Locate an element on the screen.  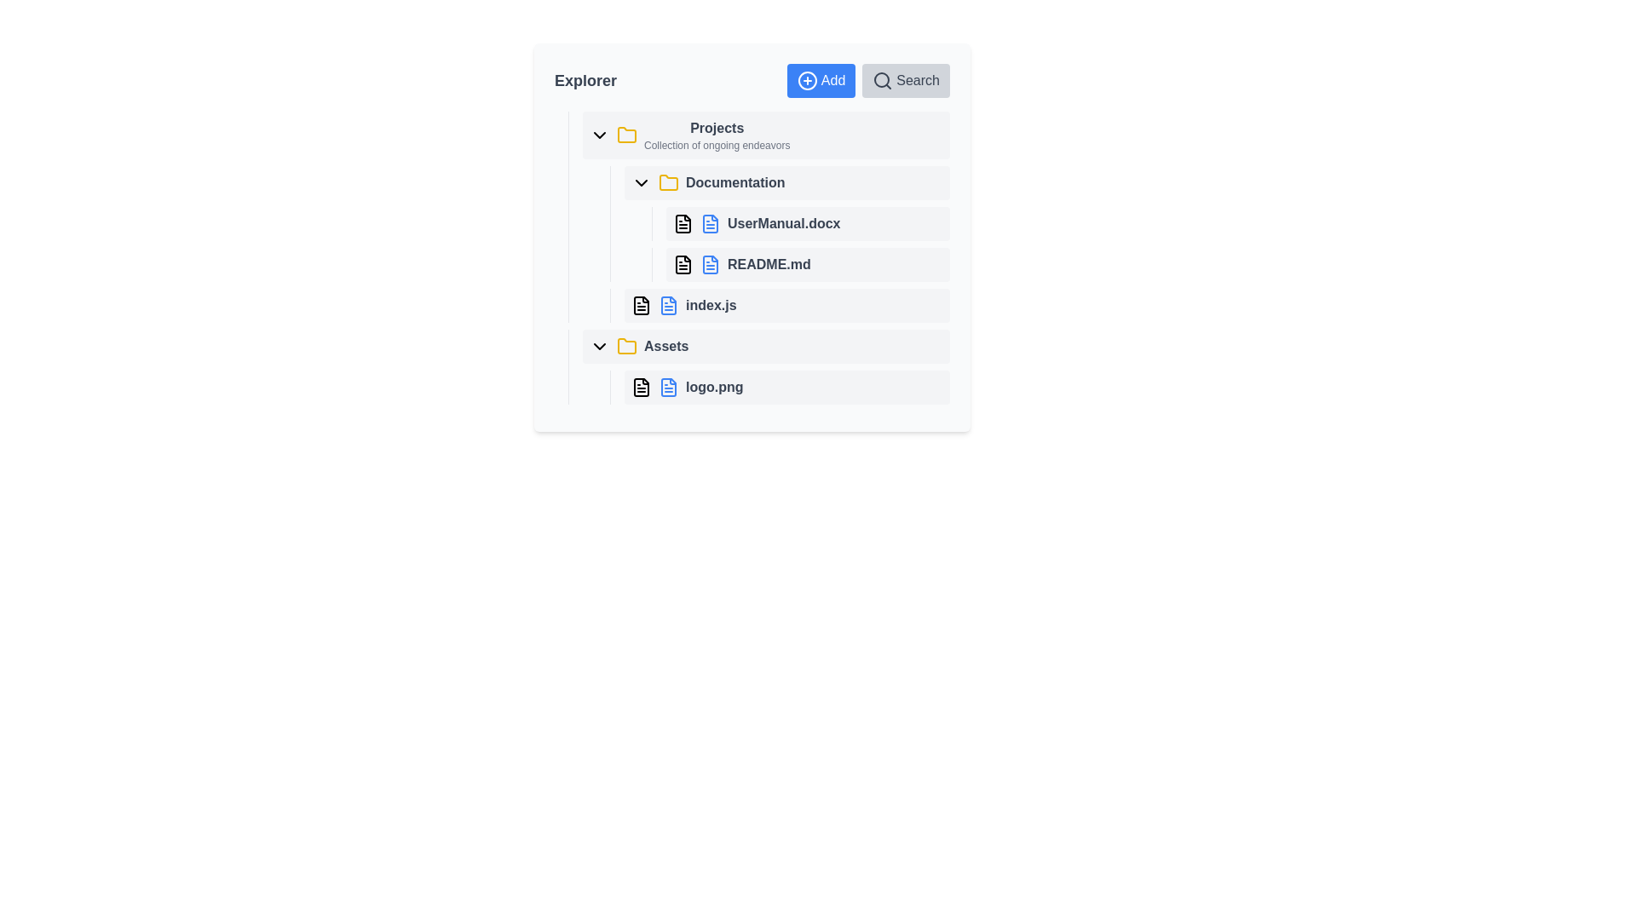
to select the 'README.md' file in the Interactive file list item located under the 'Documentation' folder is located at coordinates (807, 265).